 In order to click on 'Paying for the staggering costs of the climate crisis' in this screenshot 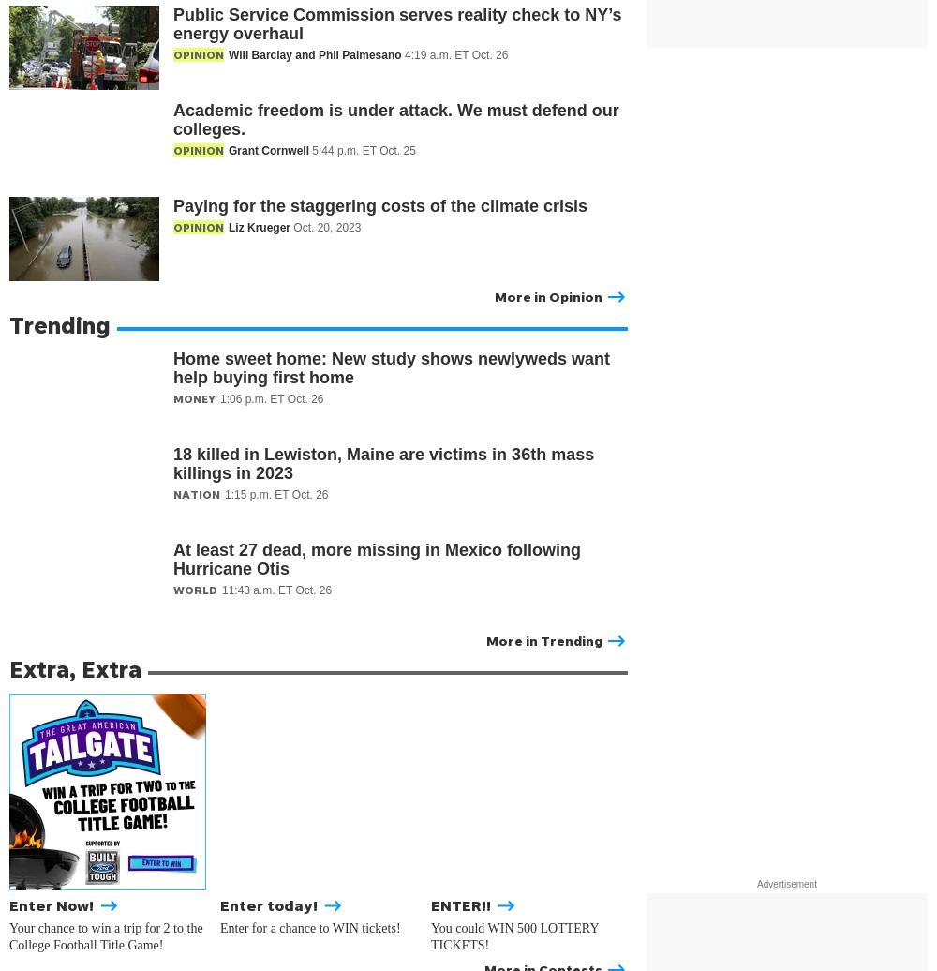, I will do `click(382, 206)`.